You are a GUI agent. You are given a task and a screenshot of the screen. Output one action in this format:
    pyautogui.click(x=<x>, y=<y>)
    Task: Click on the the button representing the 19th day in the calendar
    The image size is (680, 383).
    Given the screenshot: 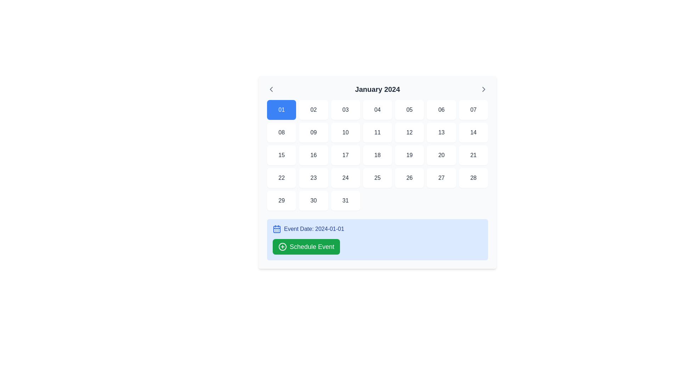 What is the action you would take?
    pyautogui.click(x=409, y=155)
    